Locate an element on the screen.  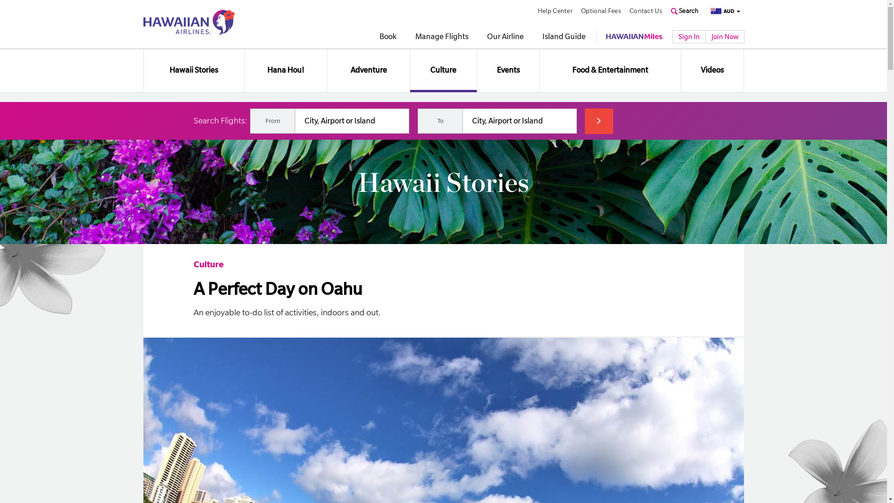
'Manage Flights' is located at coordinates (441, 37).